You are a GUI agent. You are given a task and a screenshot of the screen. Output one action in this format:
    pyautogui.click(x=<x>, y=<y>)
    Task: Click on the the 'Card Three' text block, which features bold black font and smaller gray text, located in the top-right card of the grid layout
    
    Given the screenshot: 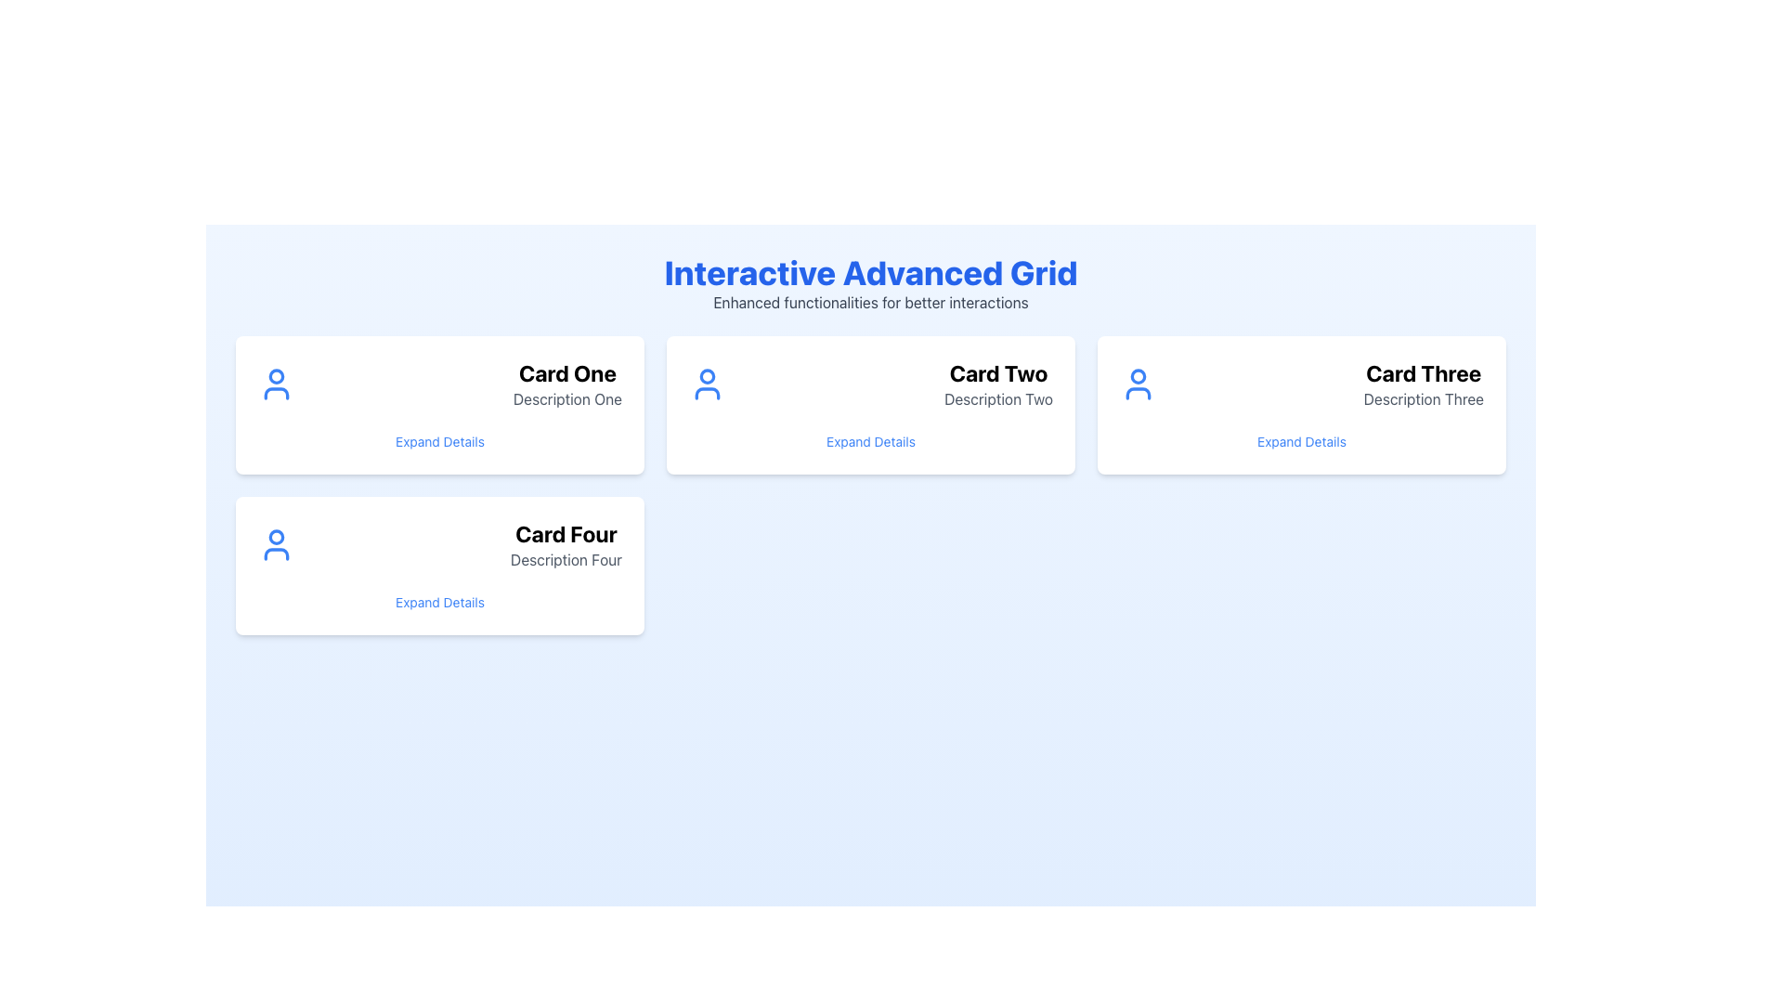 What is the action you would take?
    pyautogui.click(x=1423, y=383)
    